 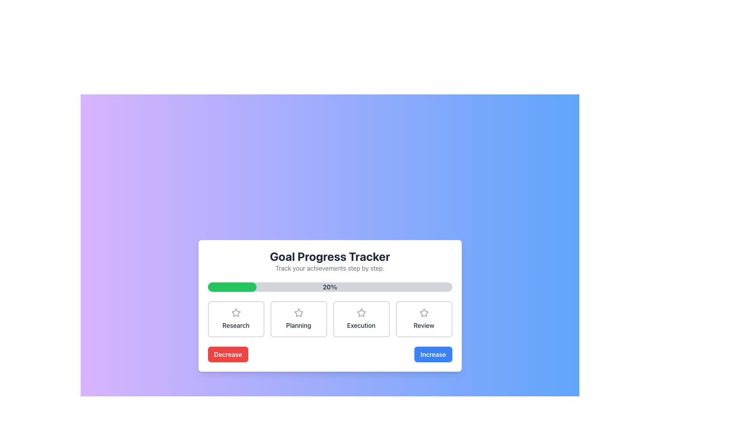 What do you see at coordinates (235, 312) in the screenshot?
I see `the star-shaped SVG icon with a gray outline, which is the first step indicator aligned with the 'Research' label` at bounding box center [235, 312].